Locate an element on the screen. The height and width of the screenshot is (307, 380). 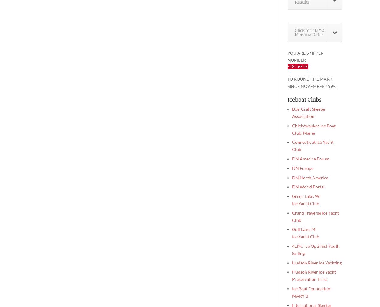
'DN America Forum' is located at coordinates (311, 158).